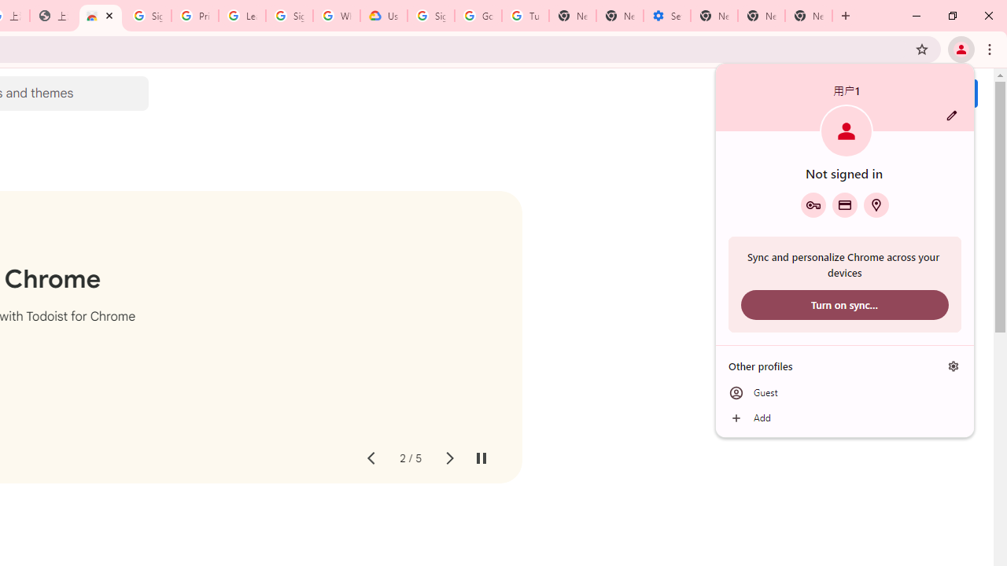  I want to click on 'Google Password Manager', so click(813, 204).